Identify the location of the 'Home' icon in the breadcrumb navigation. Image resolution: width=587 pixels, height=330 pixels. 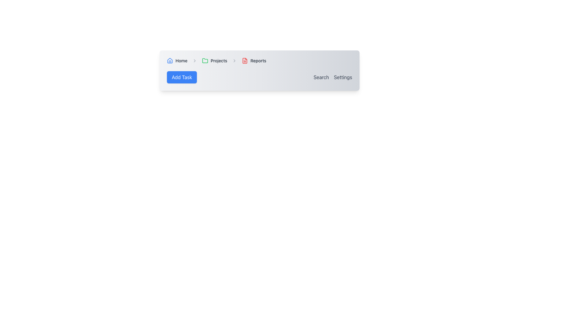
(170, 61).